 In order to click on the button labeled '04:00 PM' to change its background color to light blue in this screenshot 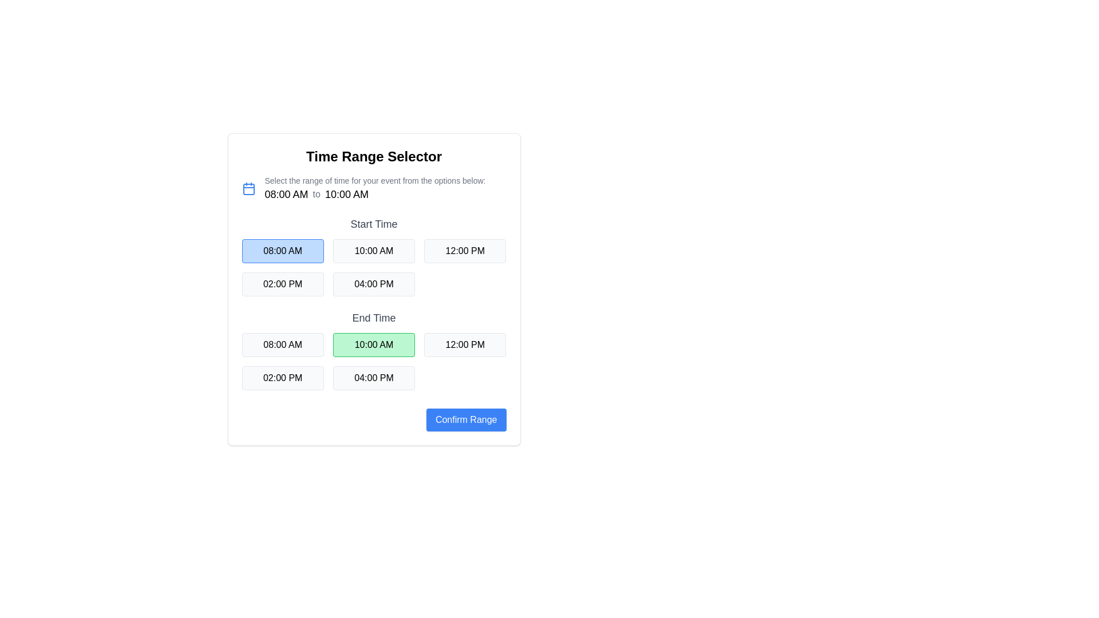, I will do `click(374, 284)`.